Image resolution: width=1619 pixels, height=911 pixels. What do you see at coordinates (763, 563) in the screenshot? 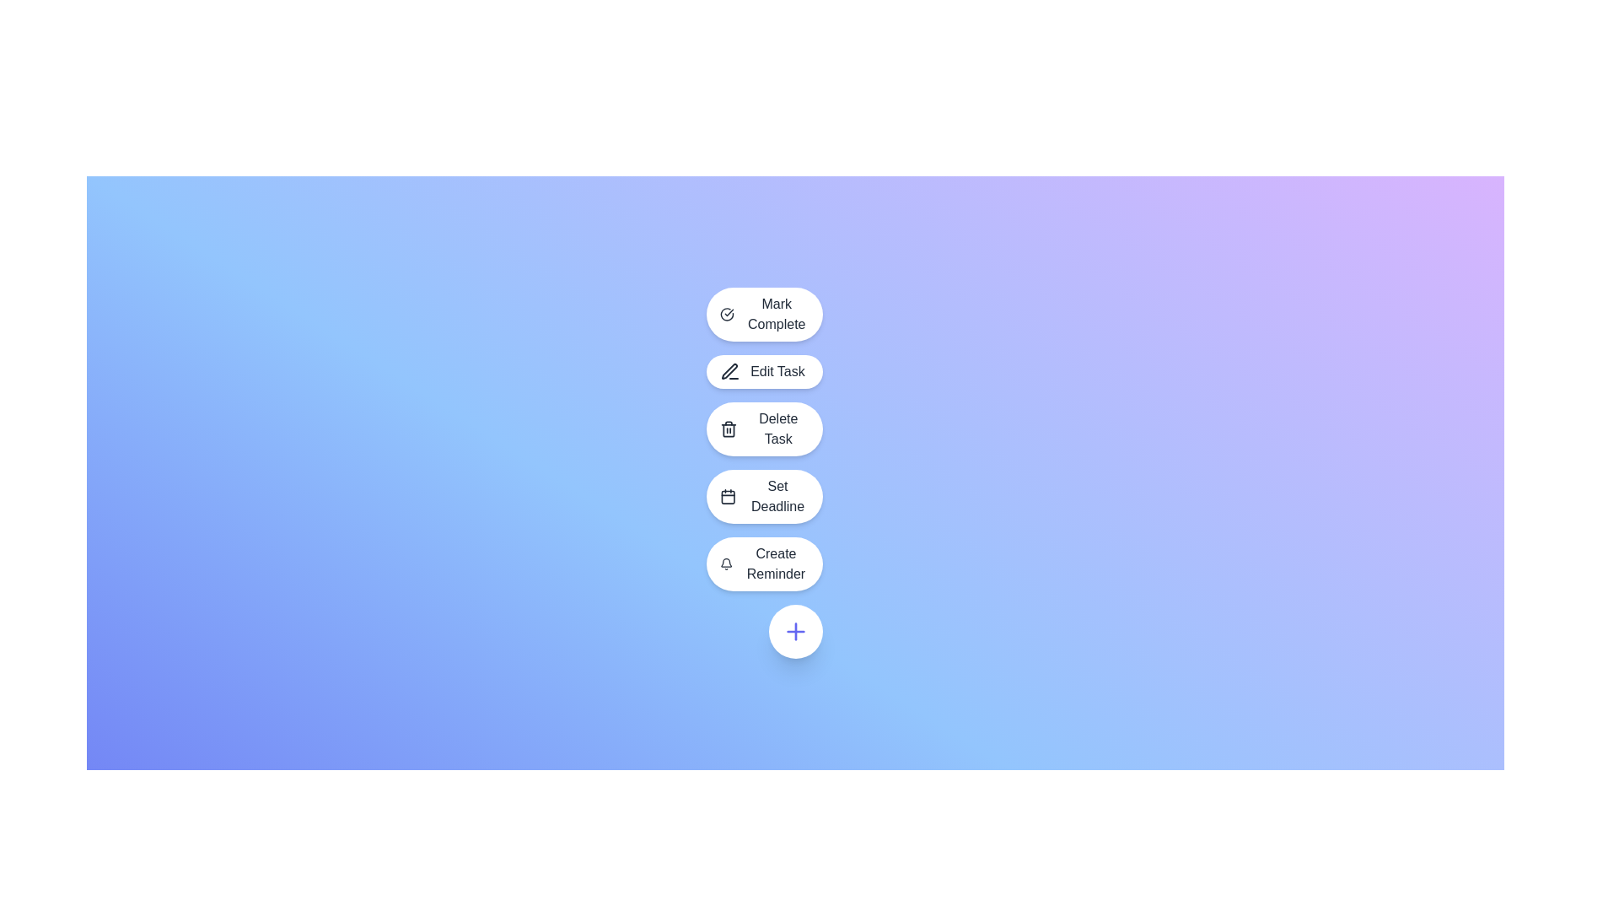
I see `the 'Create Reminder' button, which is the fifth button in the dropdown list, to initiate the reminder creation process` at bounding box center [763, 563].